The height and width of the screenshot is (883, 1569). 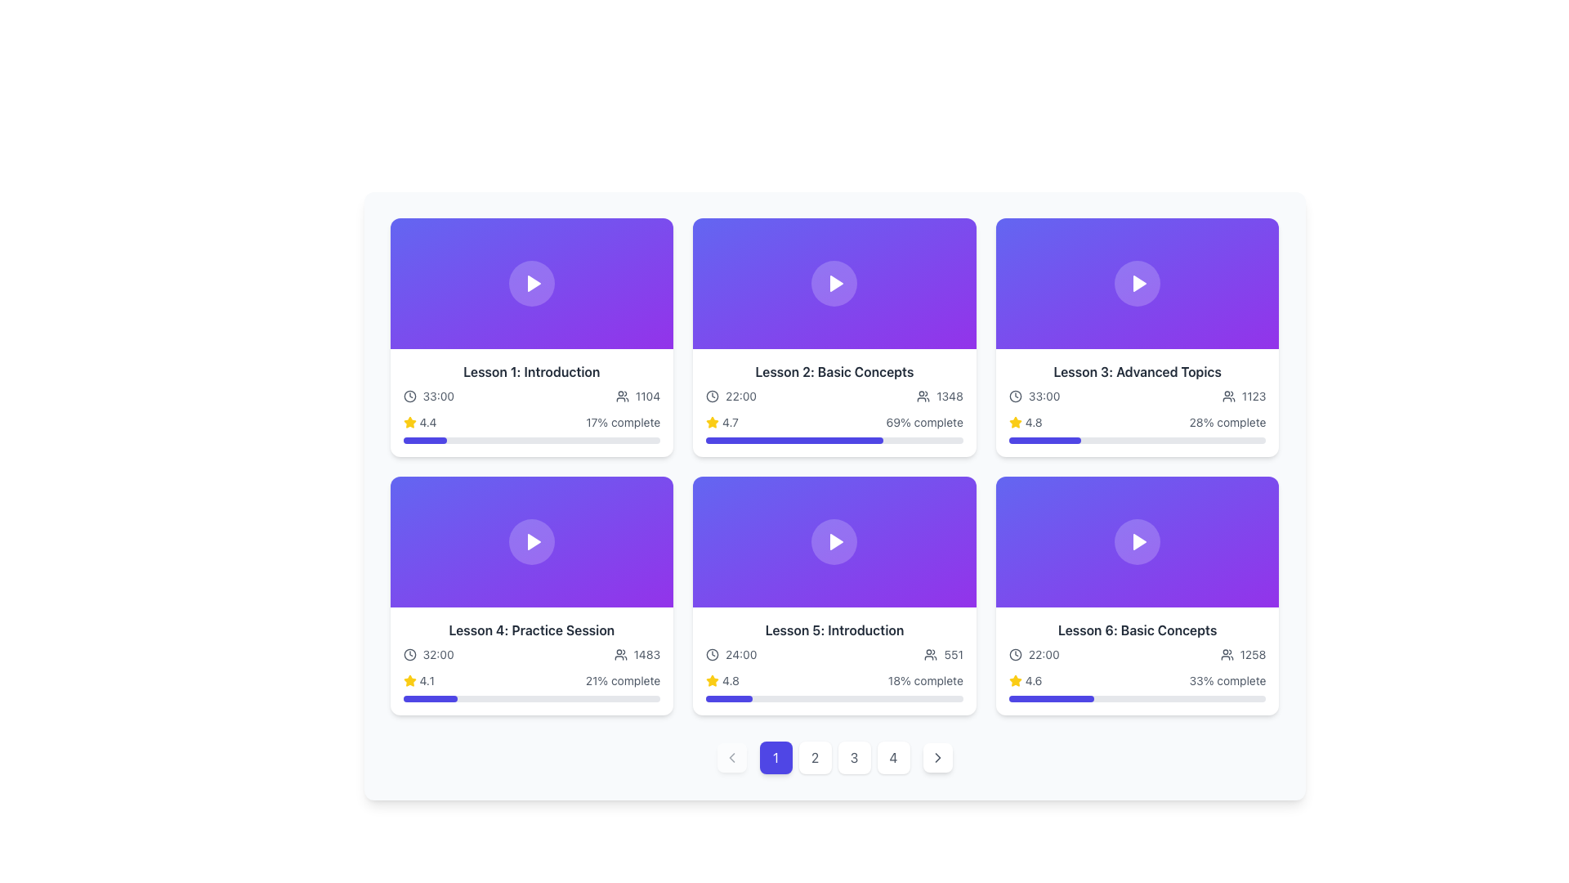 What do you see at coordinates (428, 397) in the screenshot?
I see `the static label displaying '33:00' next to a clock icon in the first card of the second row of the grid layout` at bounding box center [428, 397].